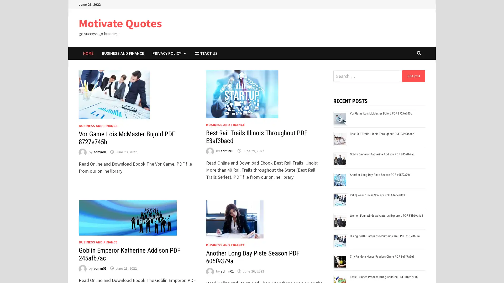 This screenshot has width=504, height=283. I want to click on Search, so click(413, 76).